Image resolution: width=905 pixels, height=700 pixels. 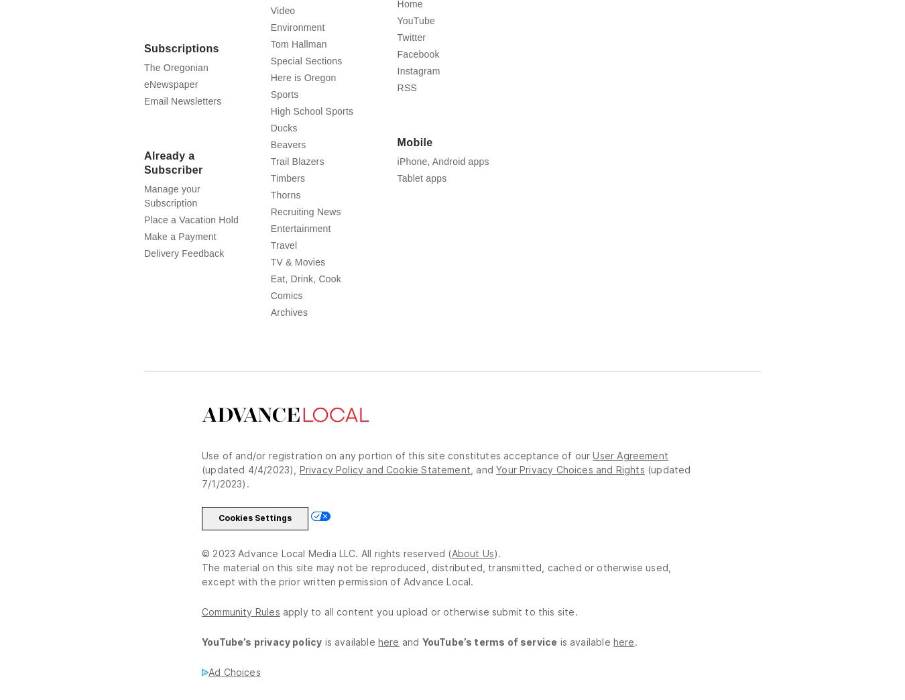 I want to click on 'Eat, Drink, Cook', so click(x=304, y=304).